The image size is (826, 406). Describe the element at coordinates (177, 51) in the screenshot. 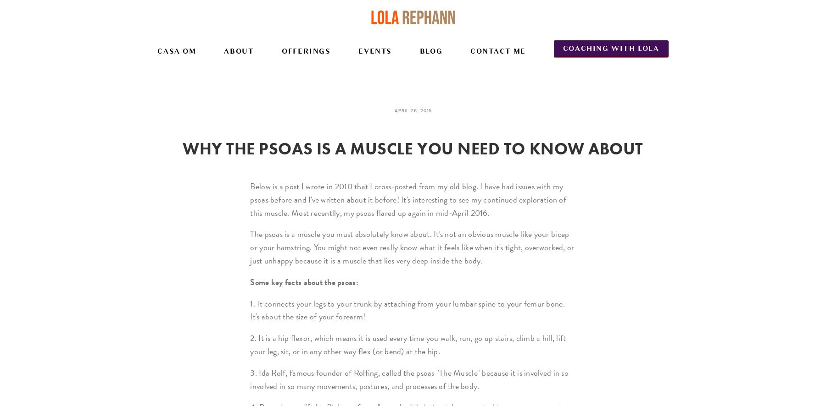

I see `'Casa Om'` at that location.